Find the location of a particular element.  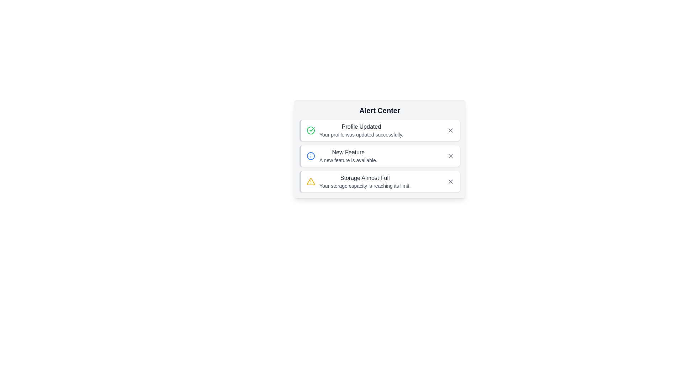

the small blue circular icon indicating an informational context, located to the left of the 'New Feature' text in the notification list under the 'Alert Center' is located at coordinates (311, 156).